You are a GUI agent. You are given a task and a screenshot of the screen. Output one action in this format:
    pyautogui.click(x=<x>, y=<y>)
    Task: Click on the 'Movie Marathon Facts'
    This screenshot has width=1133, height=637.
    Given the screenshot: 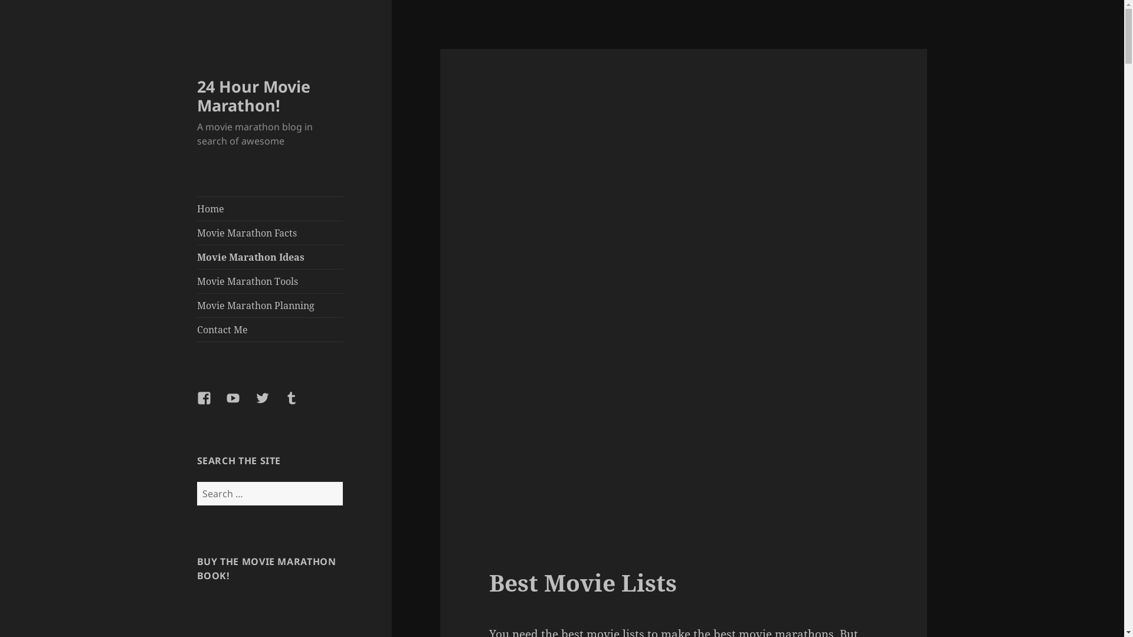 What is the action you would take?
    pyautogui.click(x=269, y=232)
    